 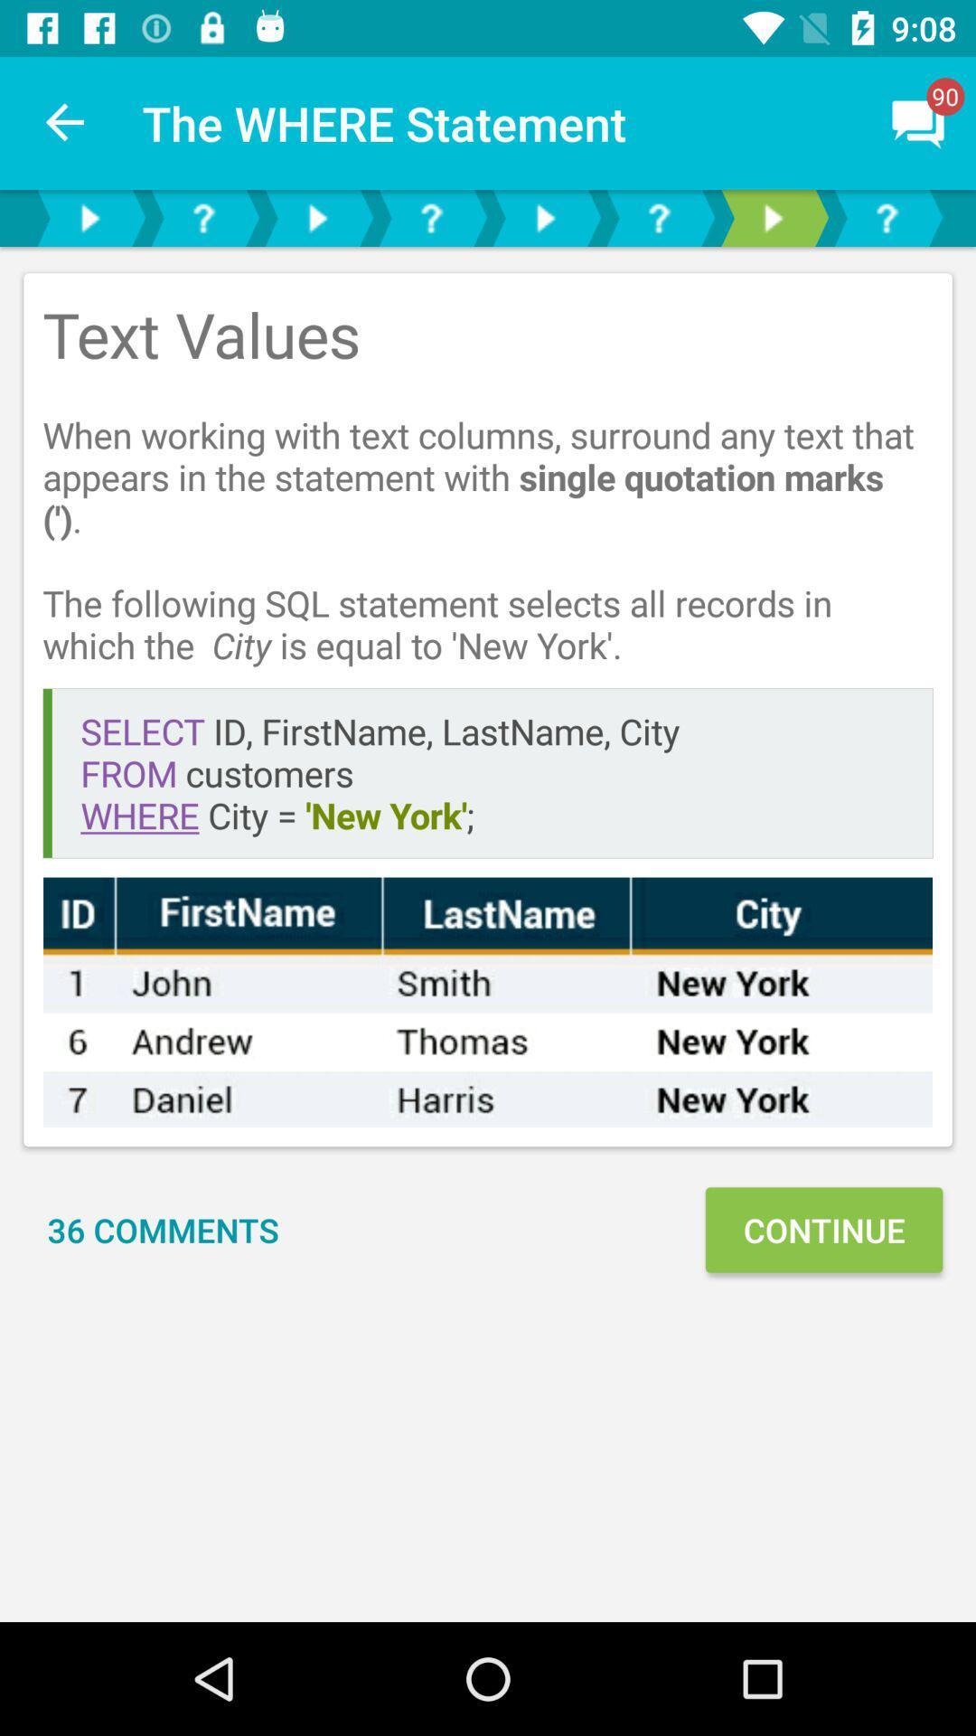 I want to click on the help icon, so click(x=885, y=217).